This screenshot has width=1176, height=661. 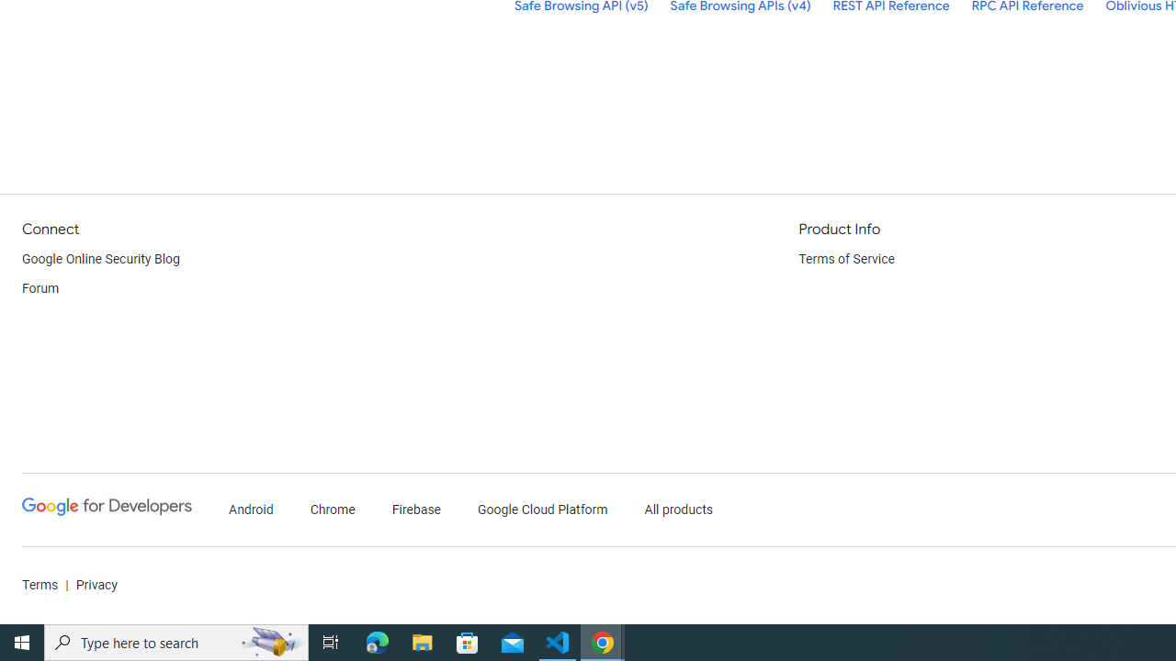 I want to click on 'Google Online Security Blog', so click(x=100, y=259).